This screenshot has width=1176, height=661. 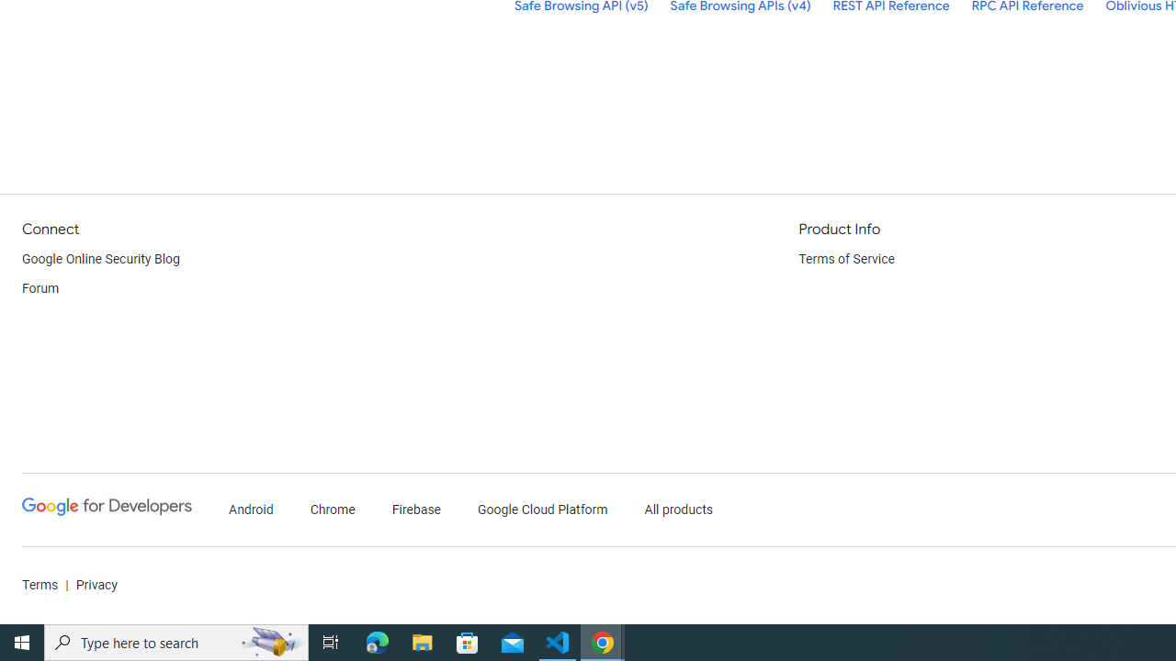 I want to click on 'Google Online Security Blog', so click(x=100, y=259).